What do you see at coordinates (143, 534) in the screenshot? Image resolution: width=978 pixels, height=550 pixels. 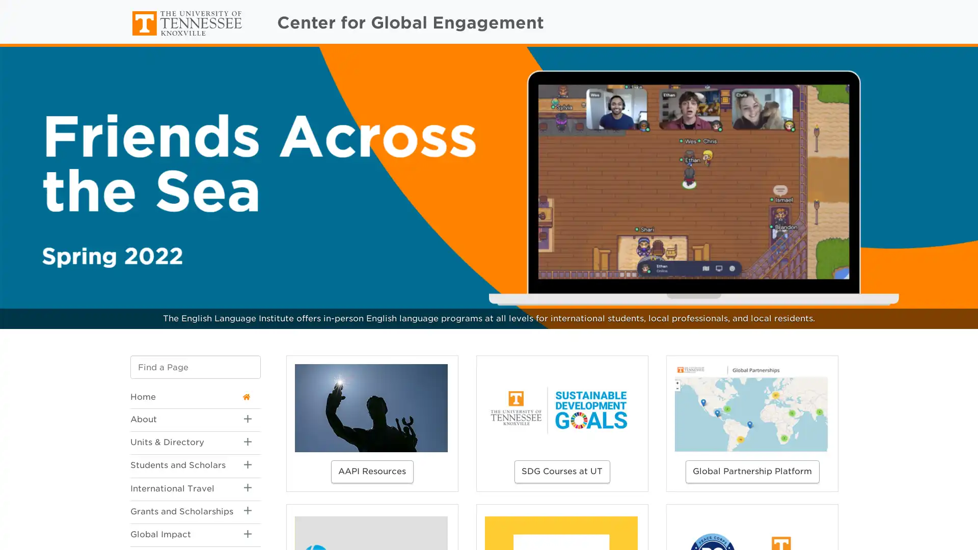 I see `Toggle Sub Menu` at bounding box center [143, 534].